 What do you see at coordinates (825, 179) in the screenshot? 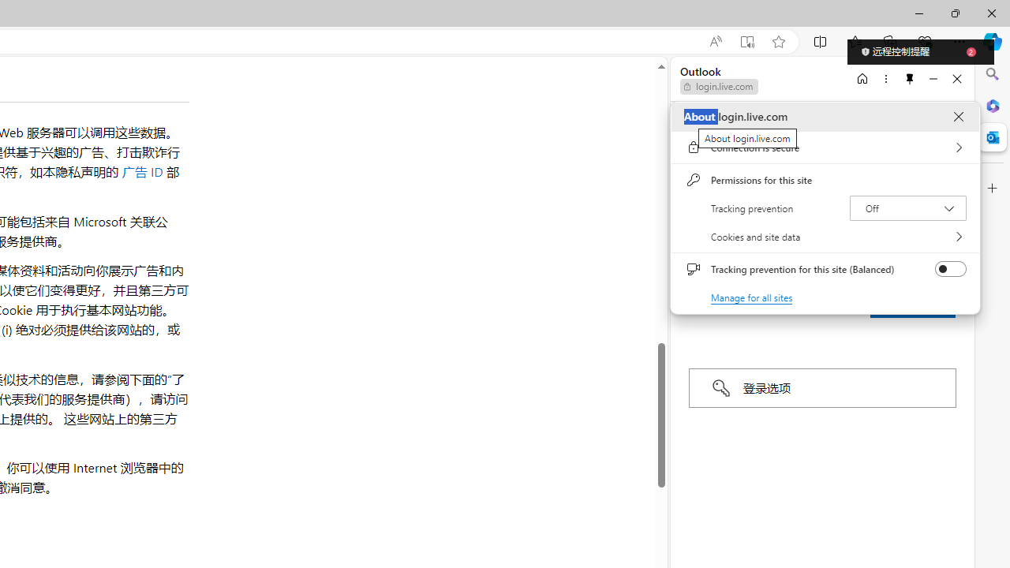
I see `'Permissions for this site'` at bounding box center [825, 179].